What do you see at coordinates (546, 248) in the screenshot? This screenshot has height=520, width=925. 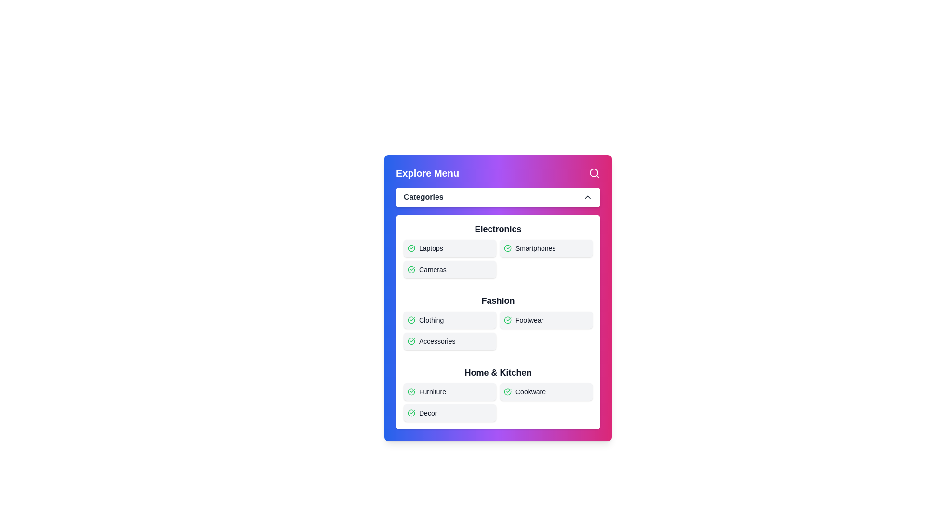 I see `the 'Smartphones' category button located below 'Laptops' and above 'Cameras' in the 'Electronics' section to observe potential hover effects` at bounding box center [546, 248].